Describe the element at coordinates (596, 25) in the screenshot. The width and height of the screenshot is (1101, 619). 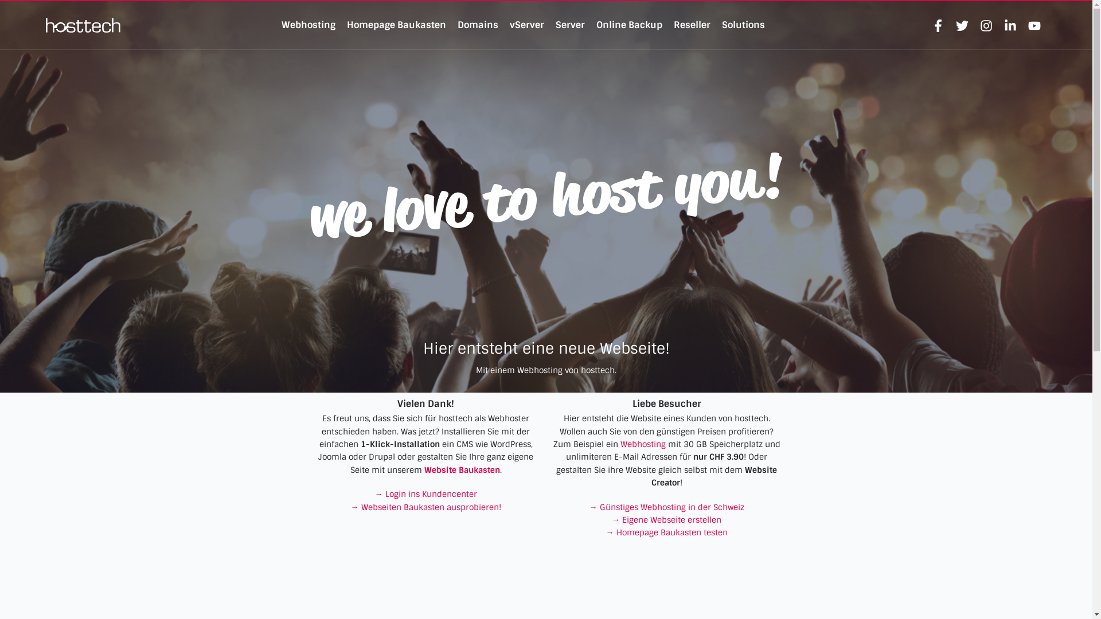
I see `'Online Backup'` at that location.